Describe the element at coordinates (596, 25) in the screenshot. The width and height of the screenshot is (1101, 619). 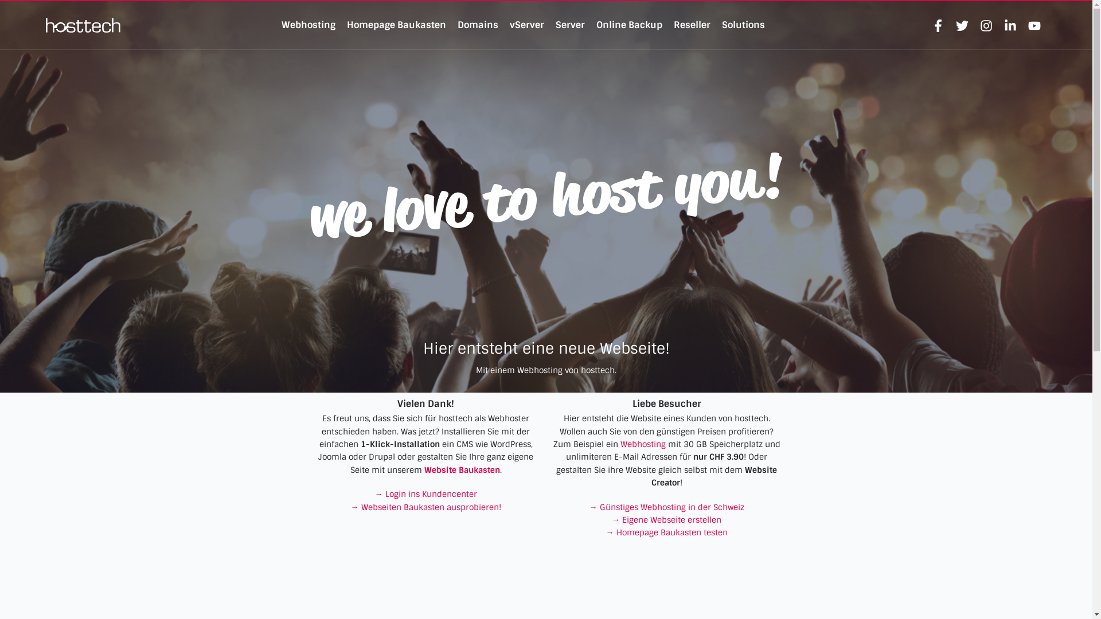
I see `'Online Backup'` at that location.